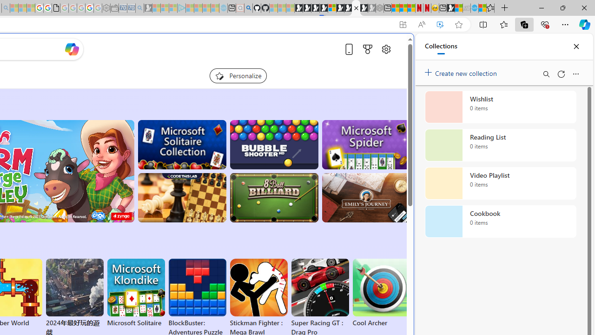  I want to click on 'Master Chess', so click(182, 197).